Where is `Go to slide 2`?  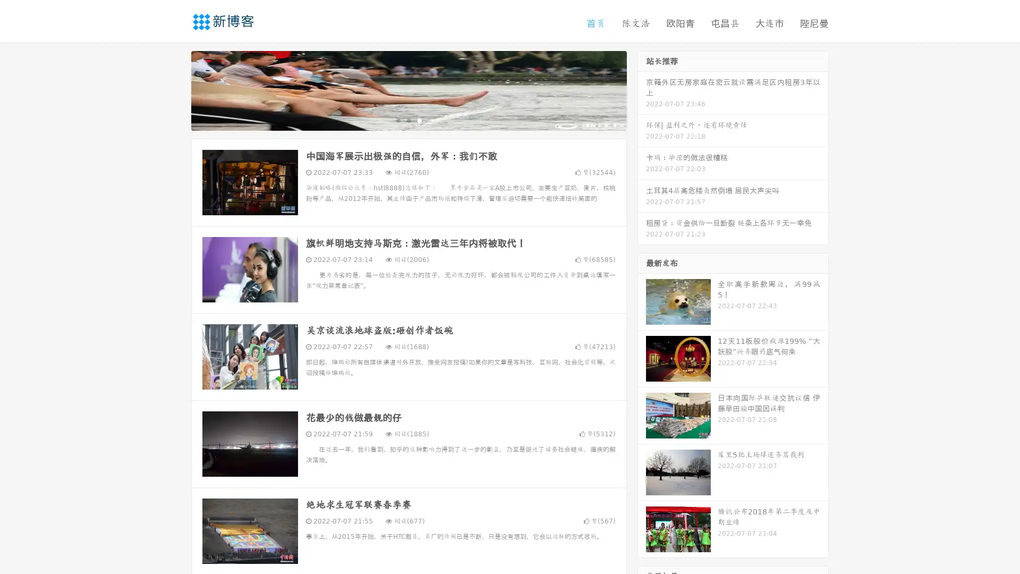 Go to slide 2 is located at coordinates (408, 120).